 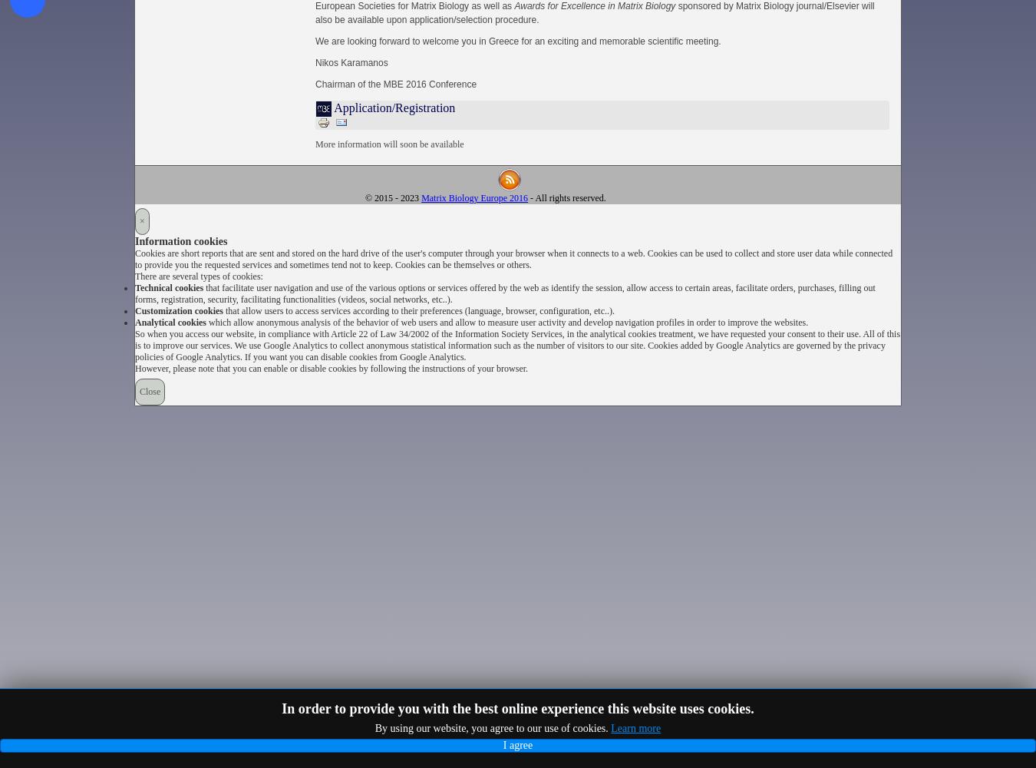 What do you see at coordinates (135, 288) in the screenshot?
I see `'Technical cookies'` at bounding box center [135, 288].